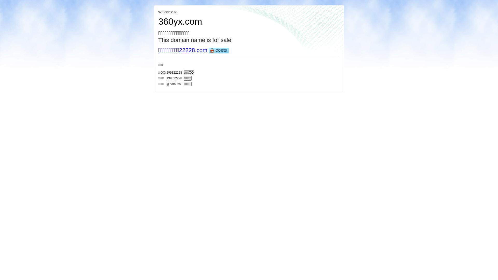  What do you see at coordinates (167, 72) in the screenshot?
I see `'199322228'` at bounding box center [167, 72].